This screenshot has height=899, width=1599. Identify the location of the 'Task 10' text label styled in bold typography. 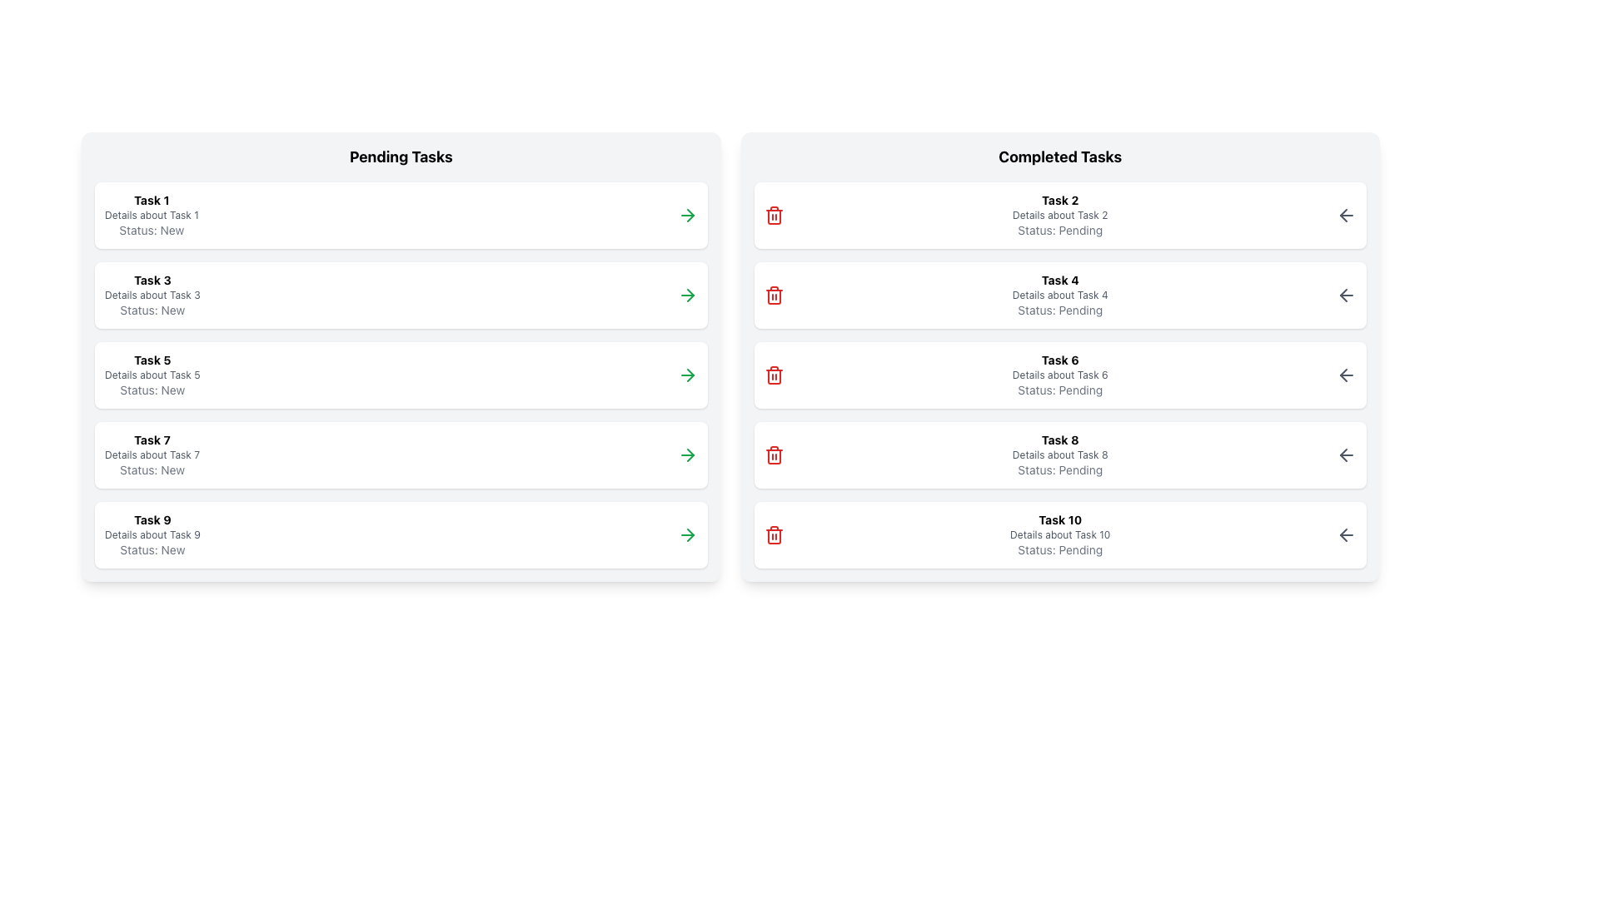
(1059, 519).